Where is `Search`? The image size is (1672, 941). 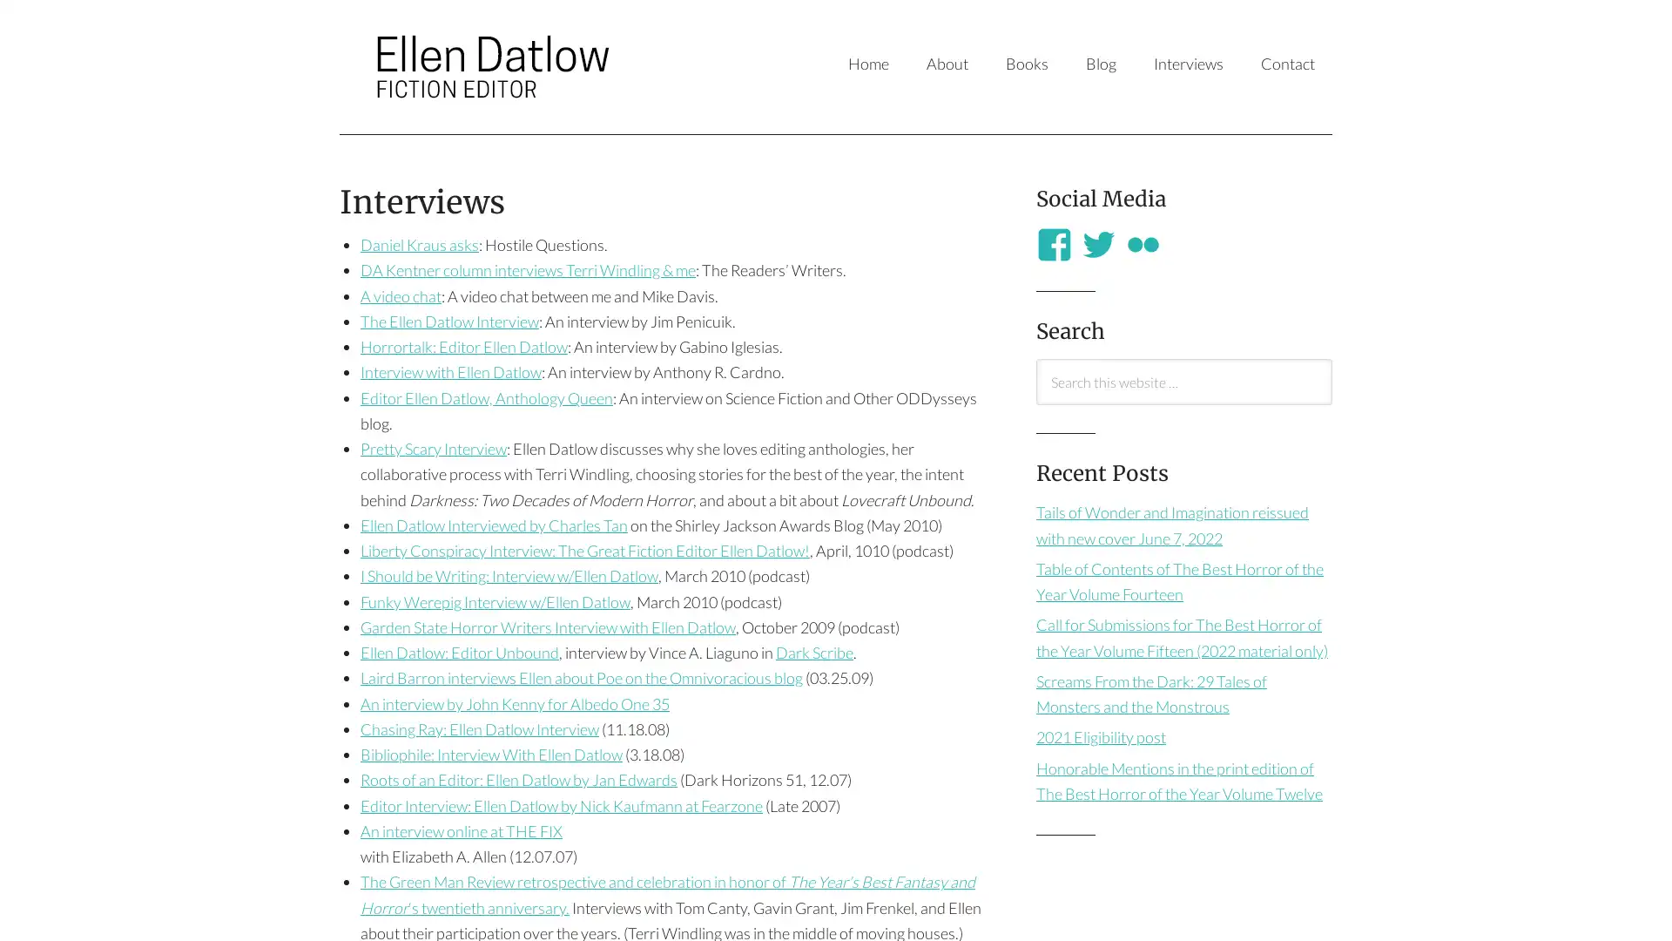
Search is located at coordinates (1035, 403).